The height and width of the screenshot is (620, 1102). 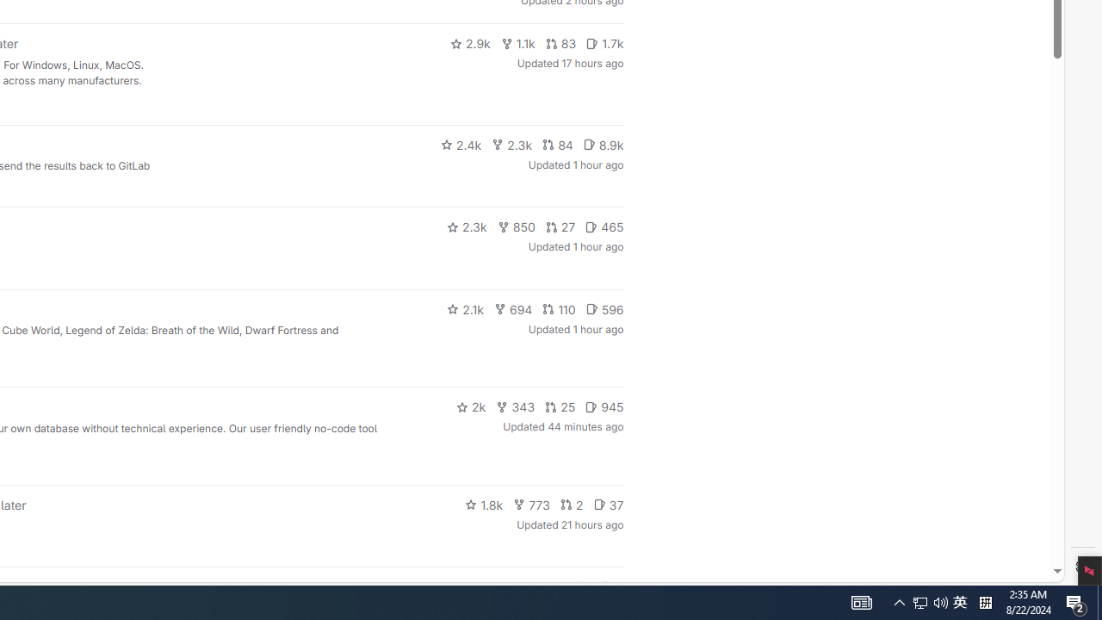 I want to click on '465', so click(x=604, y=226).